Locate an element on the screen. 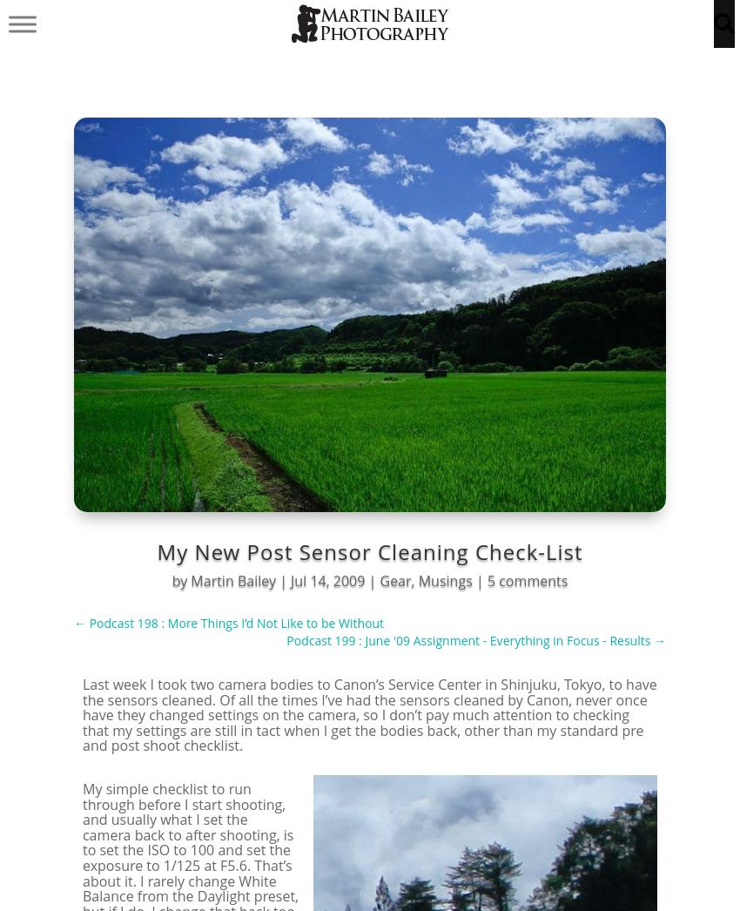 The image size is (740, 911). ',' is located at coordinates (414, 580).